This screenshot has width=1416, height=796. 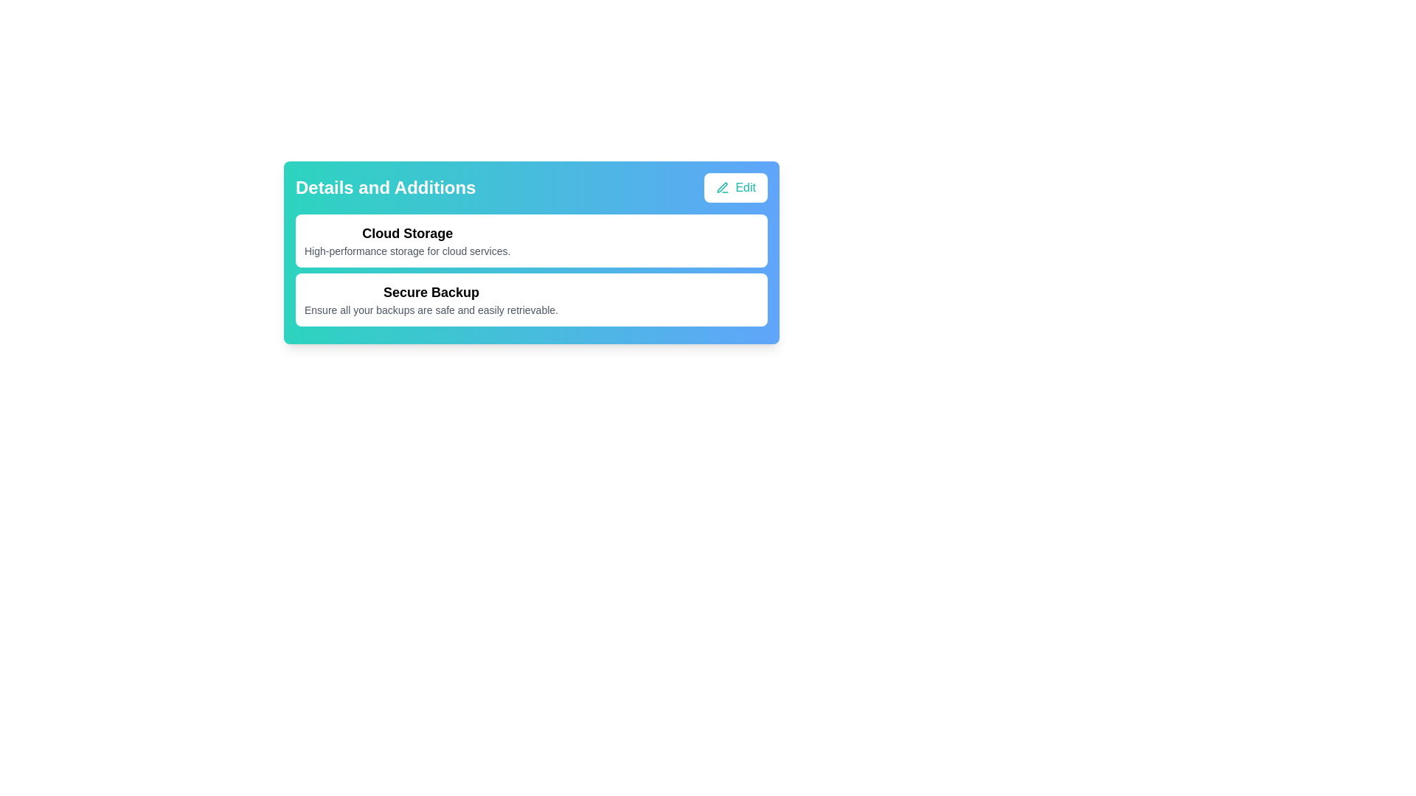 What do you see at coordinates (386, 186) in the screenshot?
I see `the text label that displays 'Details and Additions' in bold, large white font, located at the top left of the boxed interface` at bounding box center [386, 186].